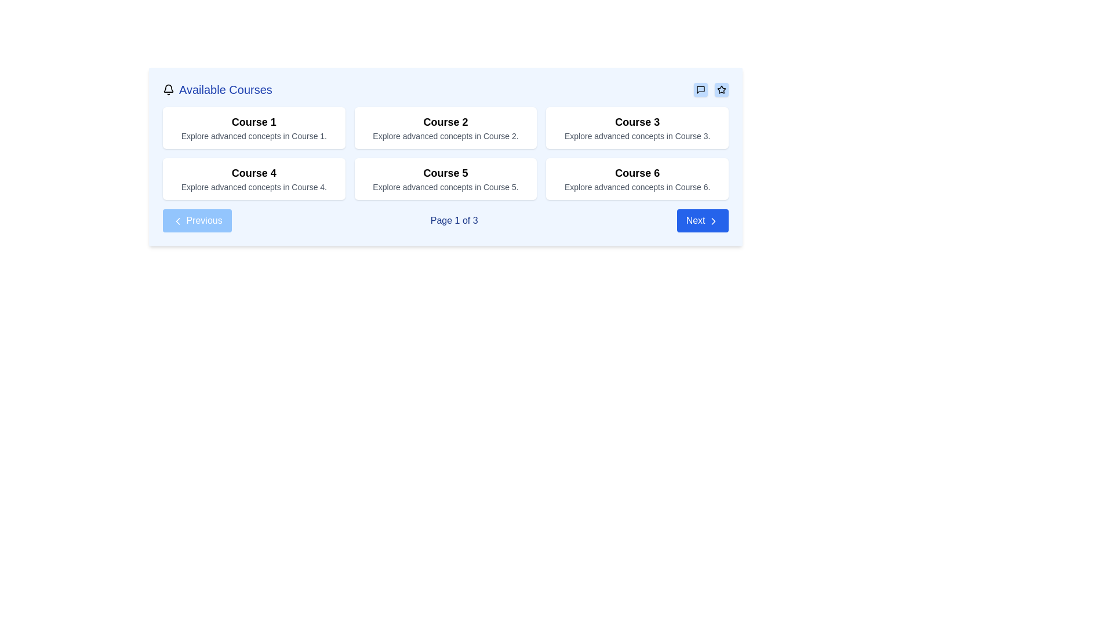  I want to click on the star icon in the top-right corner of the interface, so click(720, 89).